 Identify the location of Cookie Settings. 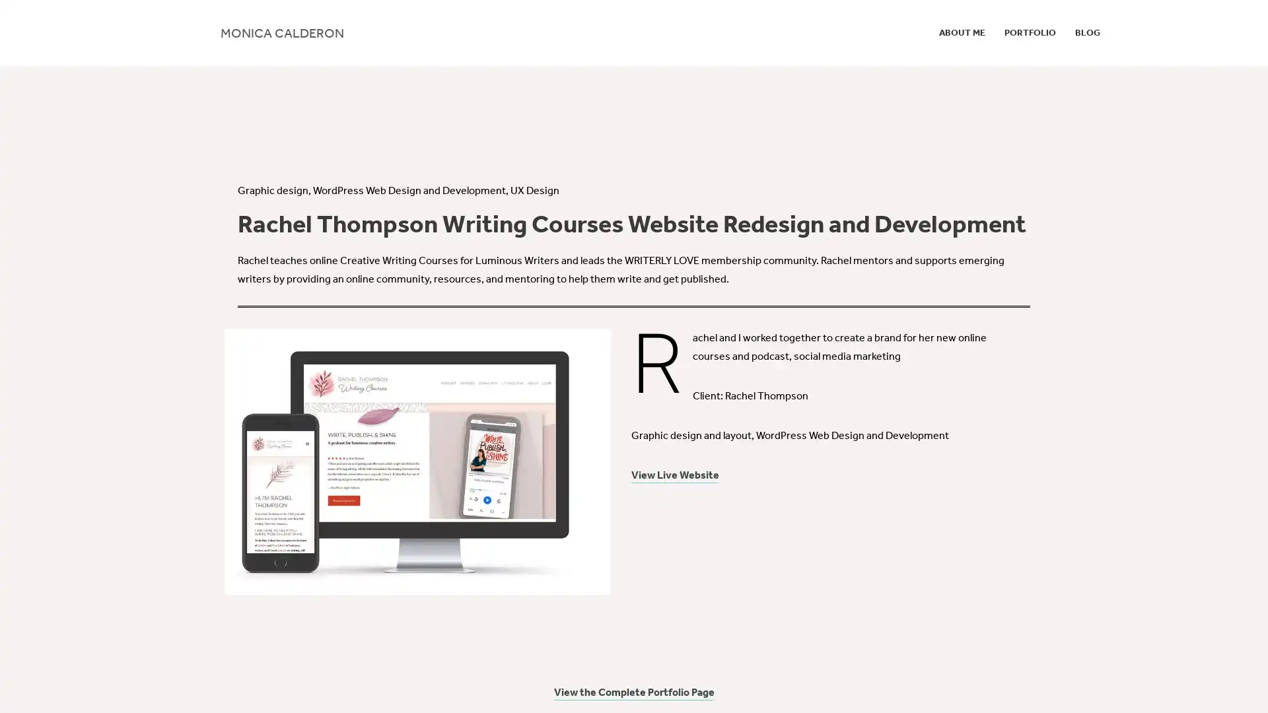
(1162, 691).